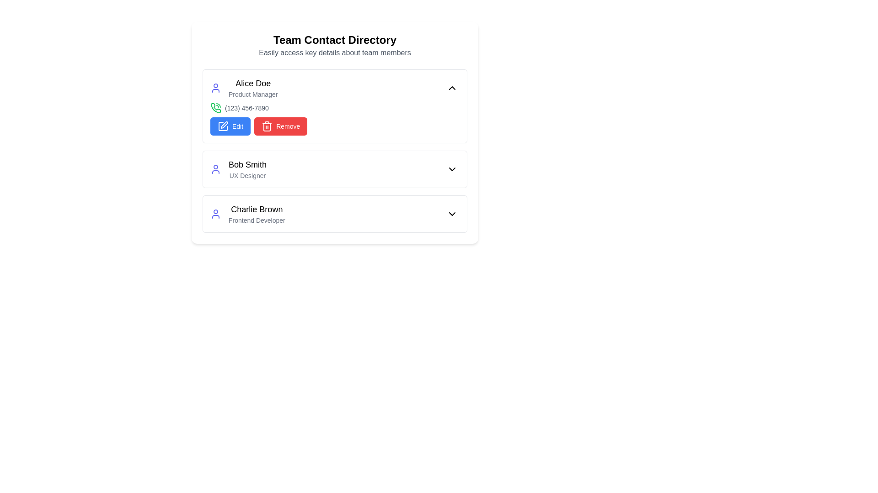 The height and width of the screenshot is (493, 878). I want to click on text content displaying the name and job title of the team member located in the second section of the 'Team Contact Directory', positioned below 'Alice Doe' and above 'Charlie Brown', so click(247, 169).